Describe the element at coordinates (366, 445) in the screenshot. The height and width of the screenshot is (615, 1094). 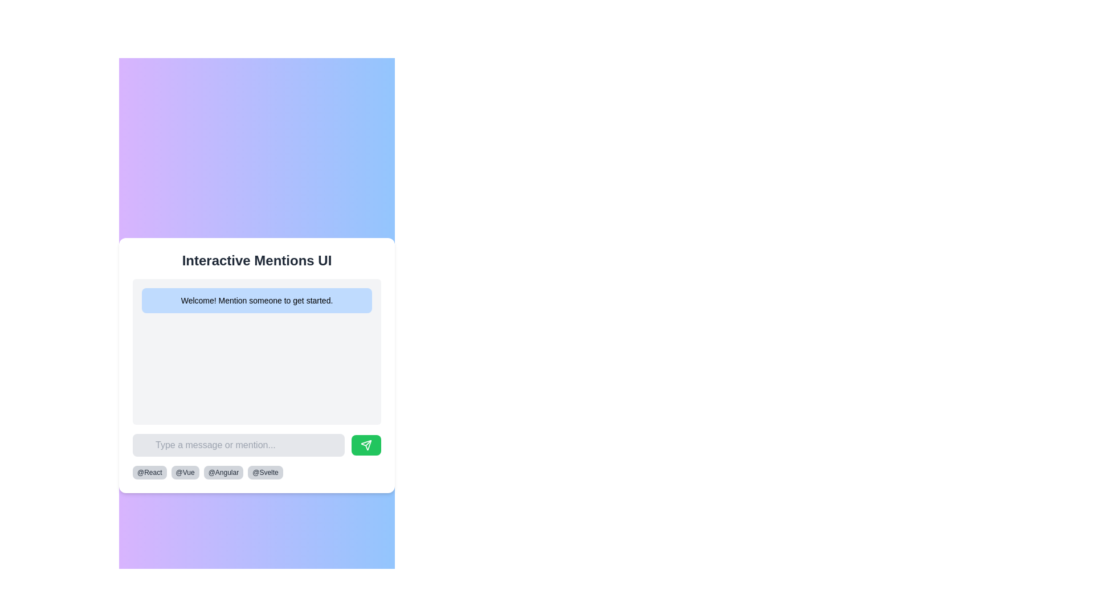
I see `the green rounded button with a white send arrow icon located at the bottom-right corner of the form interface` at that location.